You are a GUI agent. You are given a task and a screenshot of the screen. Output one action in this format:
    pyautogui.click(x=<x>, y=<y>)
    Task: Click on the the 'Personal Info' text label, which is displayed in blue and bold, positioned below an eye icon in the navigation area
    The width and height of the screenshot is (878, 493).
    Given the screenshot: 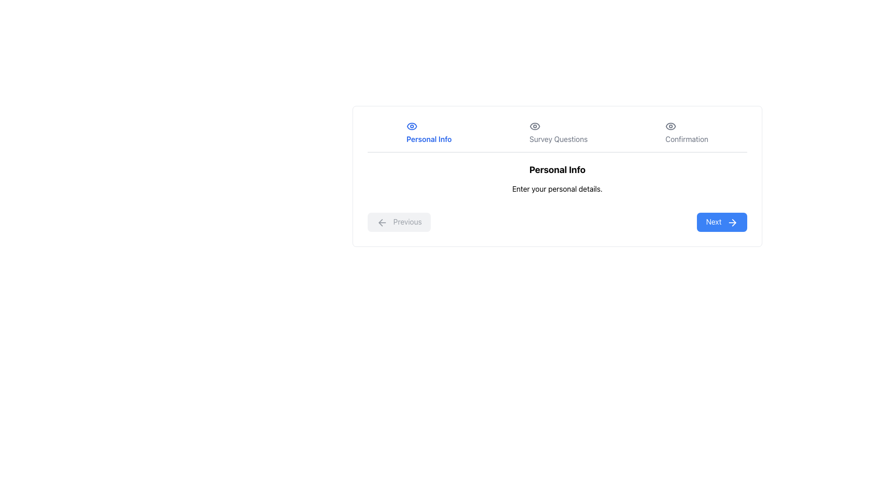 What is the action you would take?
    pyautogui.click(x=428, y=132)
    